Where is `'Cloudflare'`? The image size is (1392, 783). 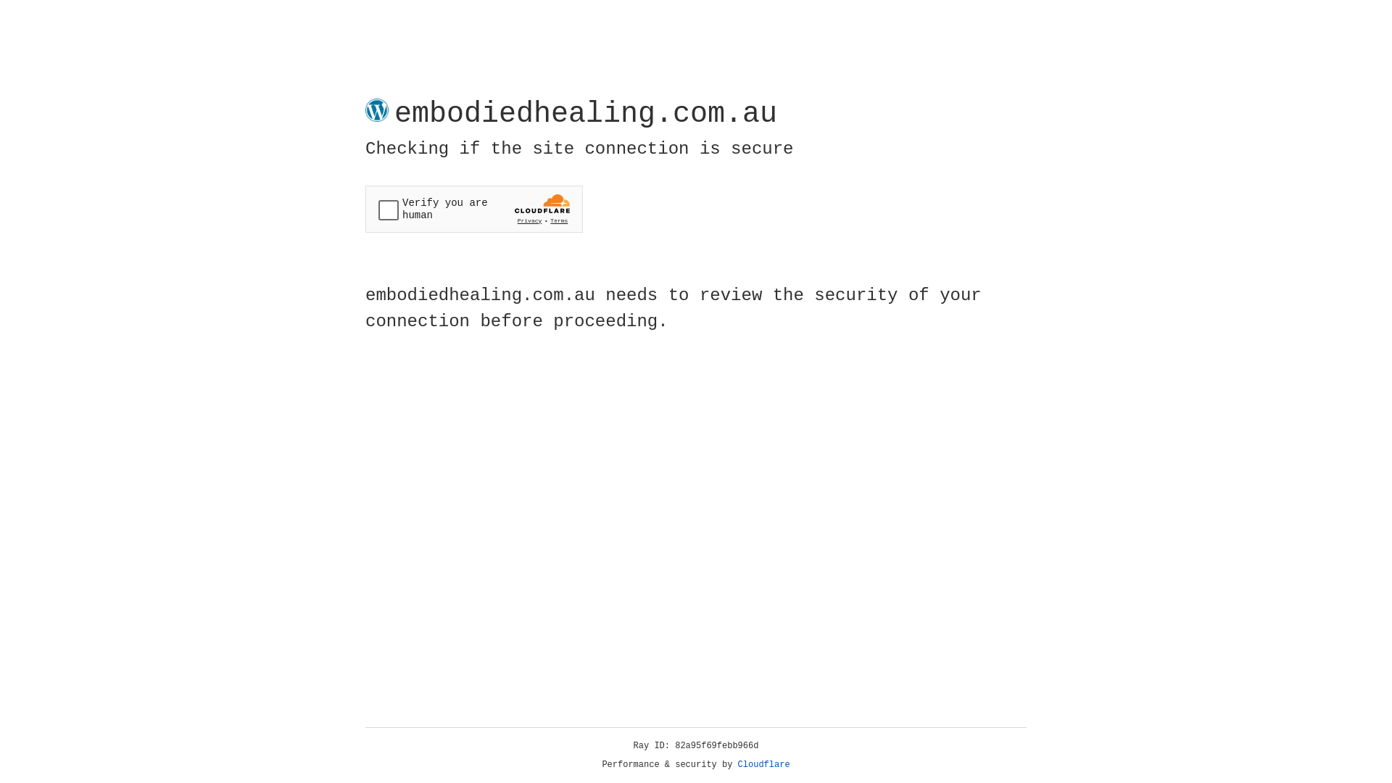
'Cloudflare' is located at coordinates (737, 764).